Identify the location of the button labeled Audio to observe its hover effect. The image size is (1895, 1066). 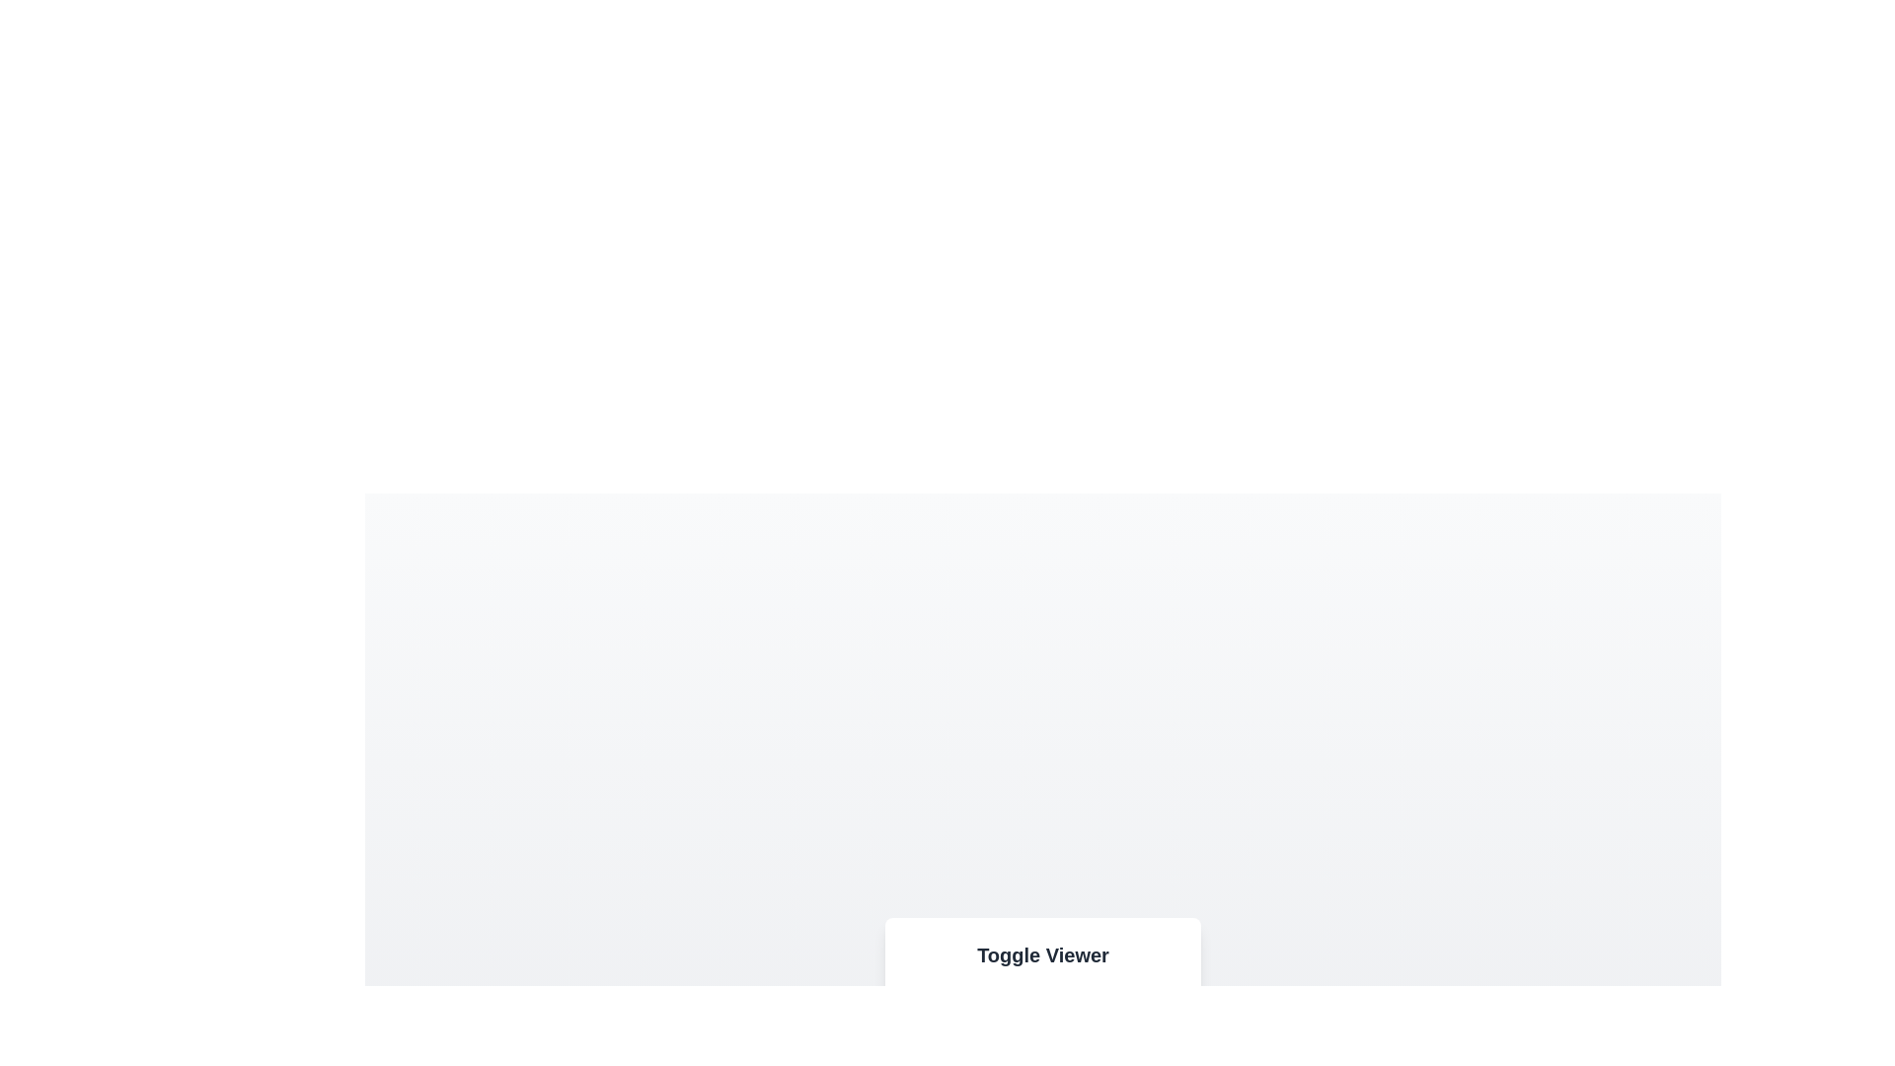
(1092, 1027).